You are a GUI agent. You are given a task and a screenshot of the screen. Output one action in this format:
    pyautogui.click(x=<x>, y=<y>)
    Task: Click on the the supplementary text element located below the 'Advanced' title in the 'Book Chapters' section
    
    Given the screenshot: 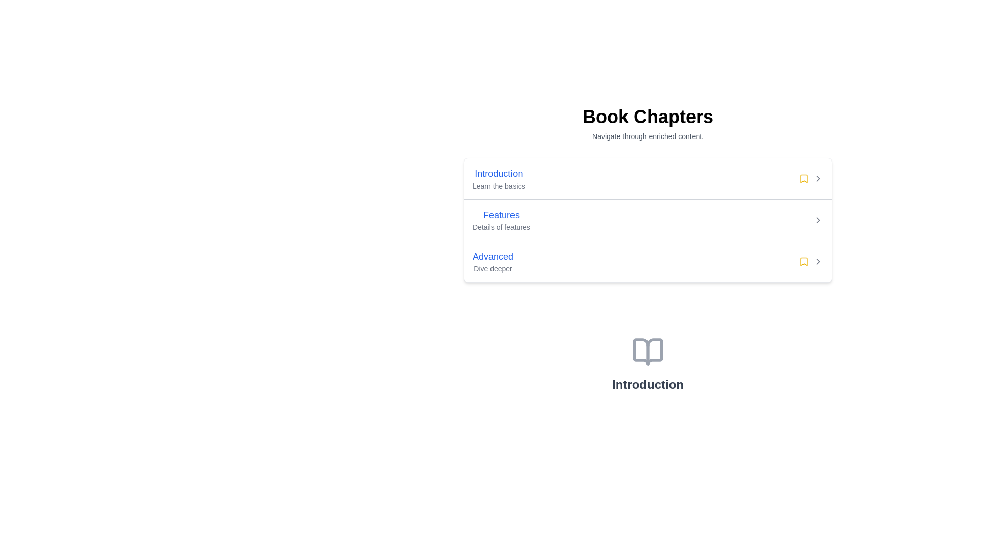 What is the action you would take?
    pyautogui.click(x=493, y=268)
    